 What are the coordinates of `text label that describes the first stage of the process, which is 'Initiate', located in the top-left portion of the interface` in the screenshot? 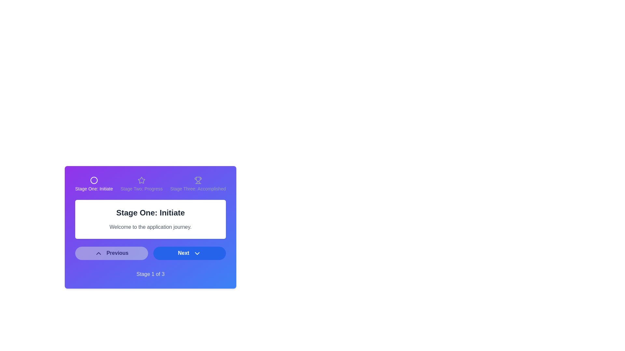 It's located at (93, 189).